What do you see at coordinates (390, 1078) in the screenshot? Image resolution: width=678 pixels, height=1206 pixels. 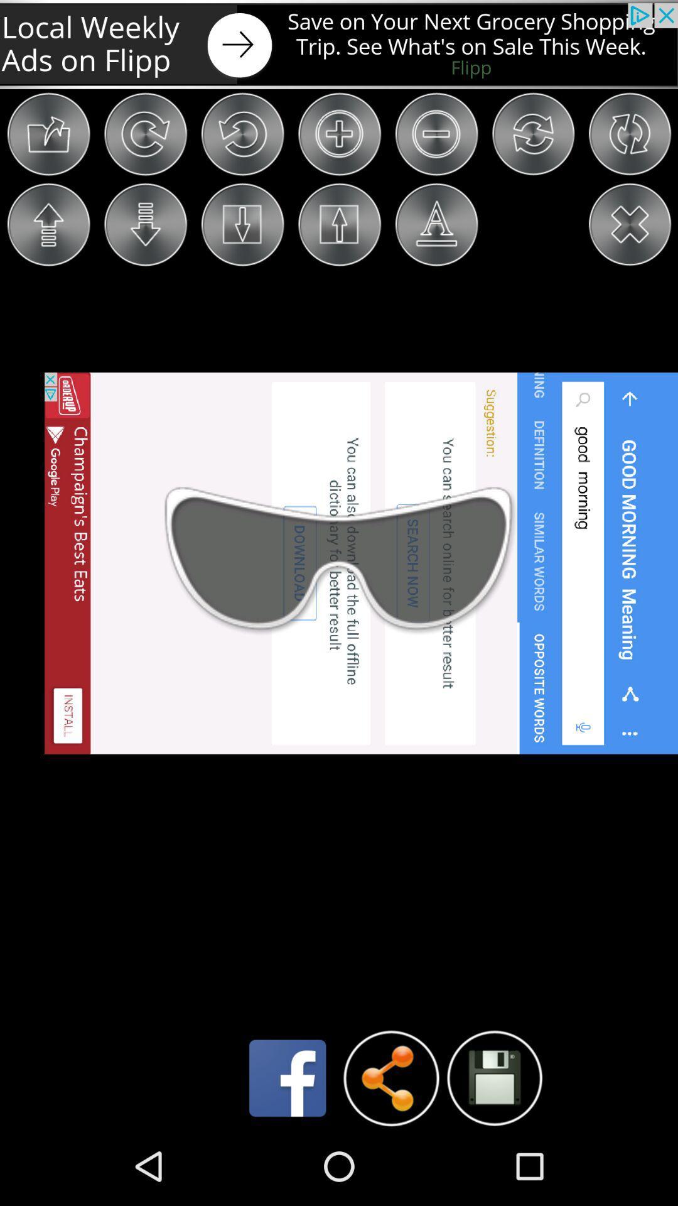 I see `the share button` at bounding box center [390, 1078].